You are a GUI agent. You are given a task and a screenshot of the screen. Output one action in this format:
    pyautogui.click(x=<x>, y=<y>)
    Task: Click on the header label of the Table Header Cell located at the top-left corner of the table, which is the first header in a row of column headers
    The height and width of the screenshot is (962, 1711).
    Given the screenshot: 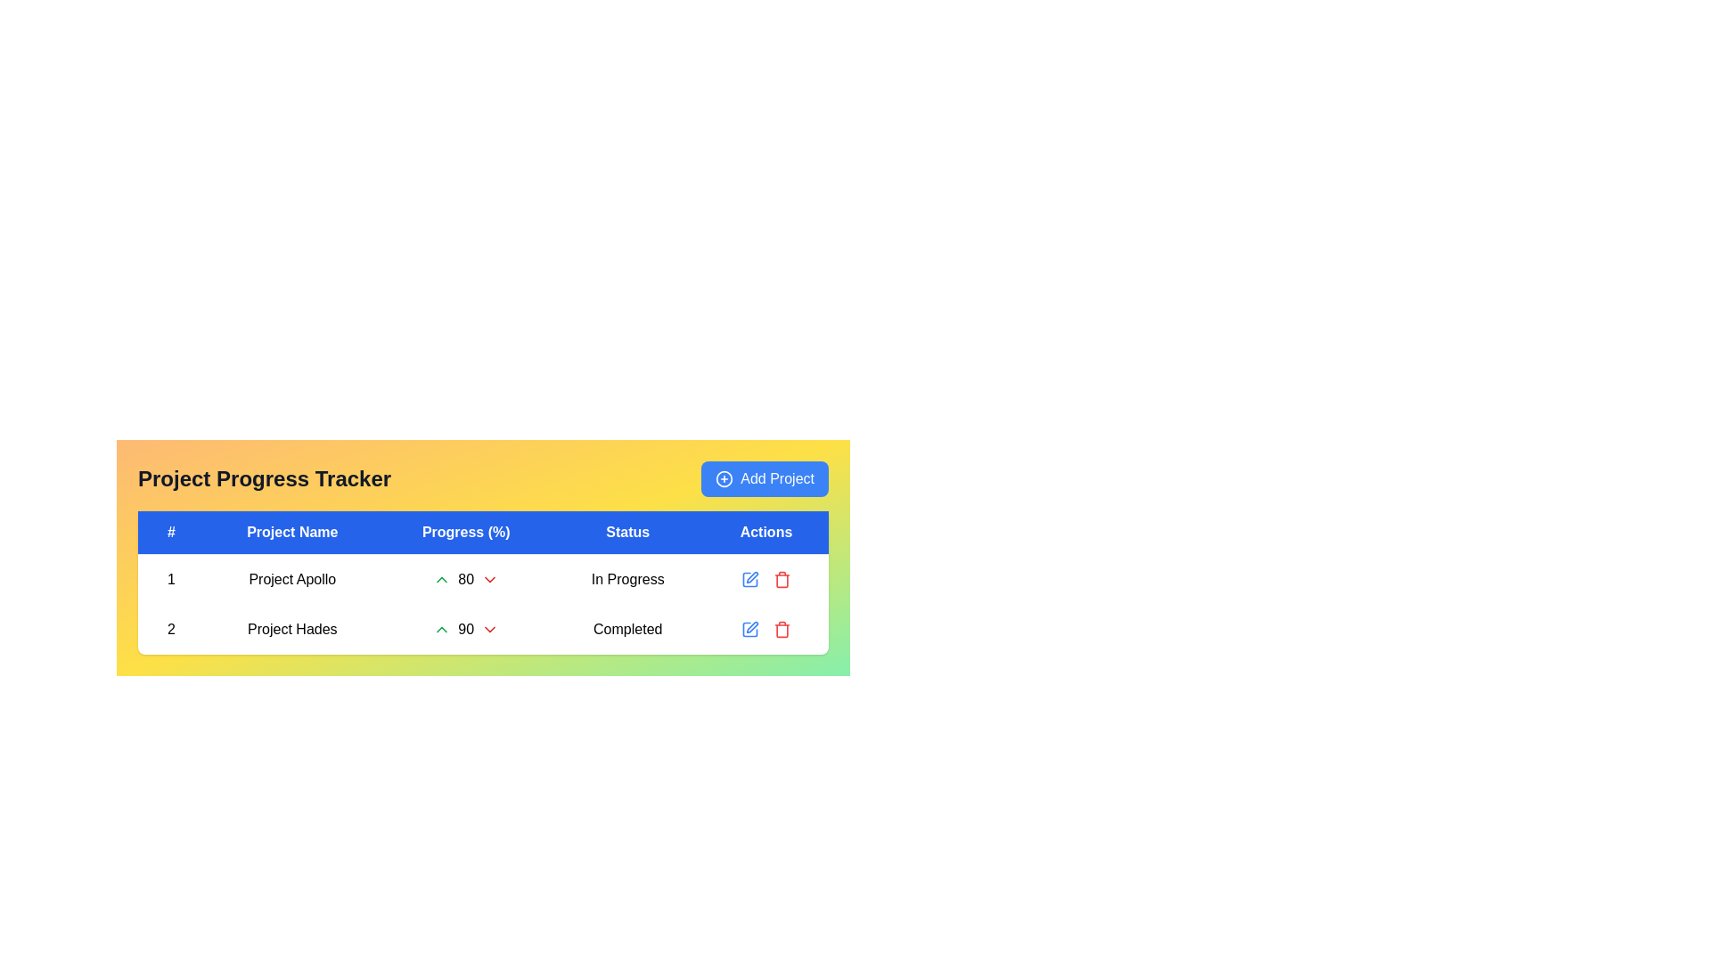 What is the action you would take?
    pyautogui.click(x=171, y=532)
    